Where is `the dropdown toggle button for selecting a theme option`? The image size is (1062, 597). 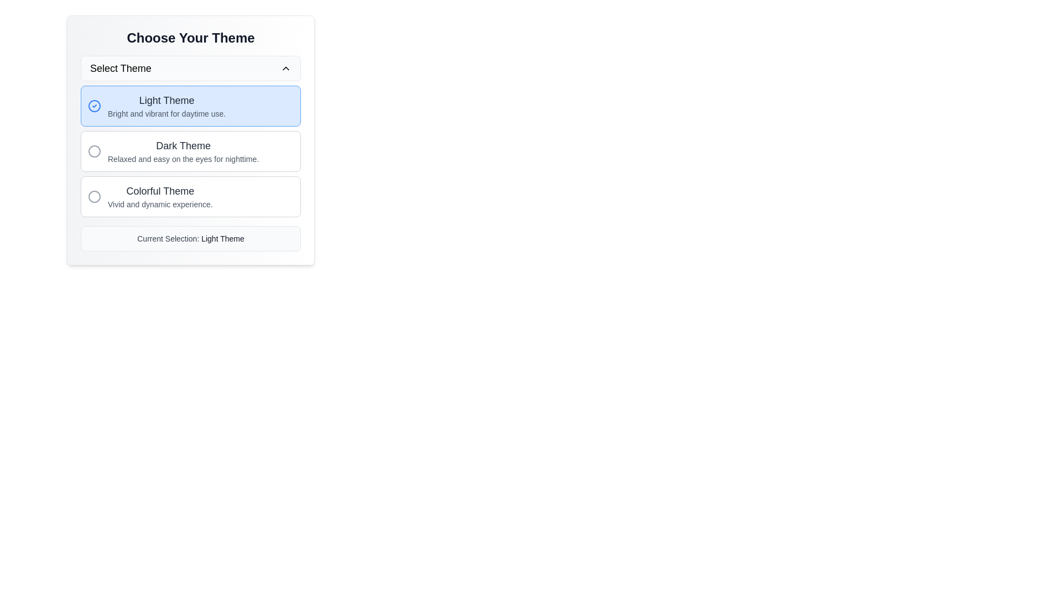
the dropdown toggle button for selecting a theme option is located at coordinates (191, 68).